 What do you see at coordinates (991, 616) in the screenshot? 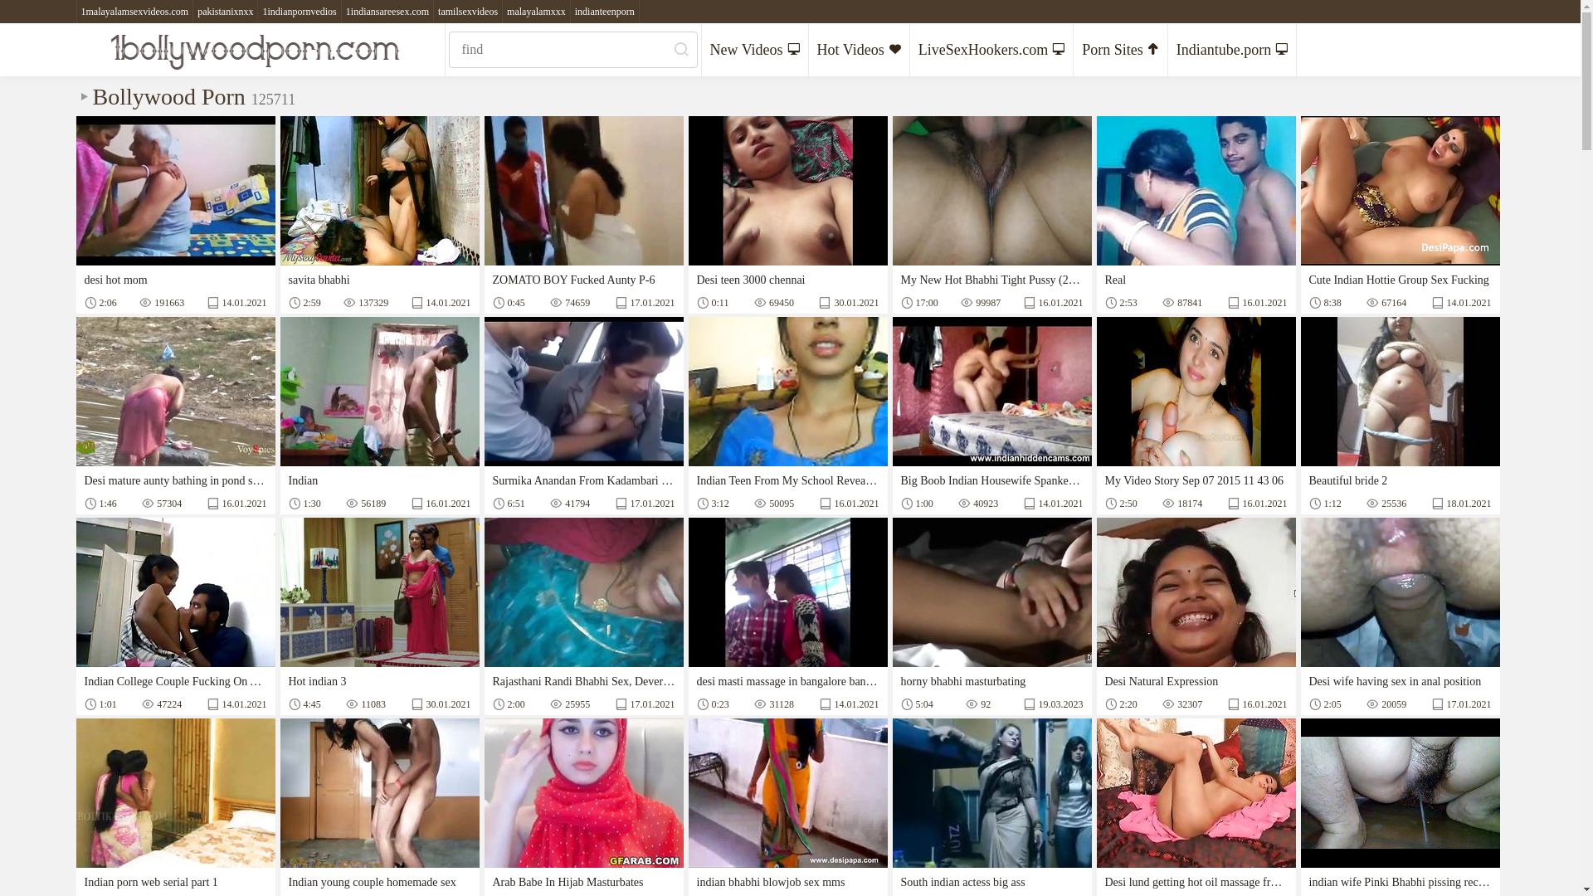
I see `'horny bhabhi masturbating` at bounding box center [991, 616].